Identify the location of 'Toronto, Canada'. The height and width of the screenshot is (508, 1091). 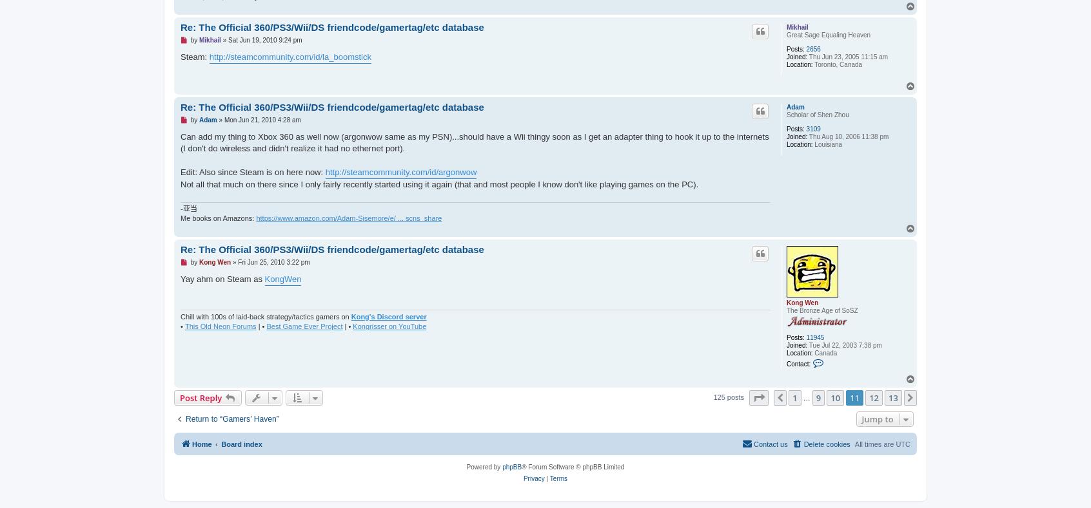
(836, 64).